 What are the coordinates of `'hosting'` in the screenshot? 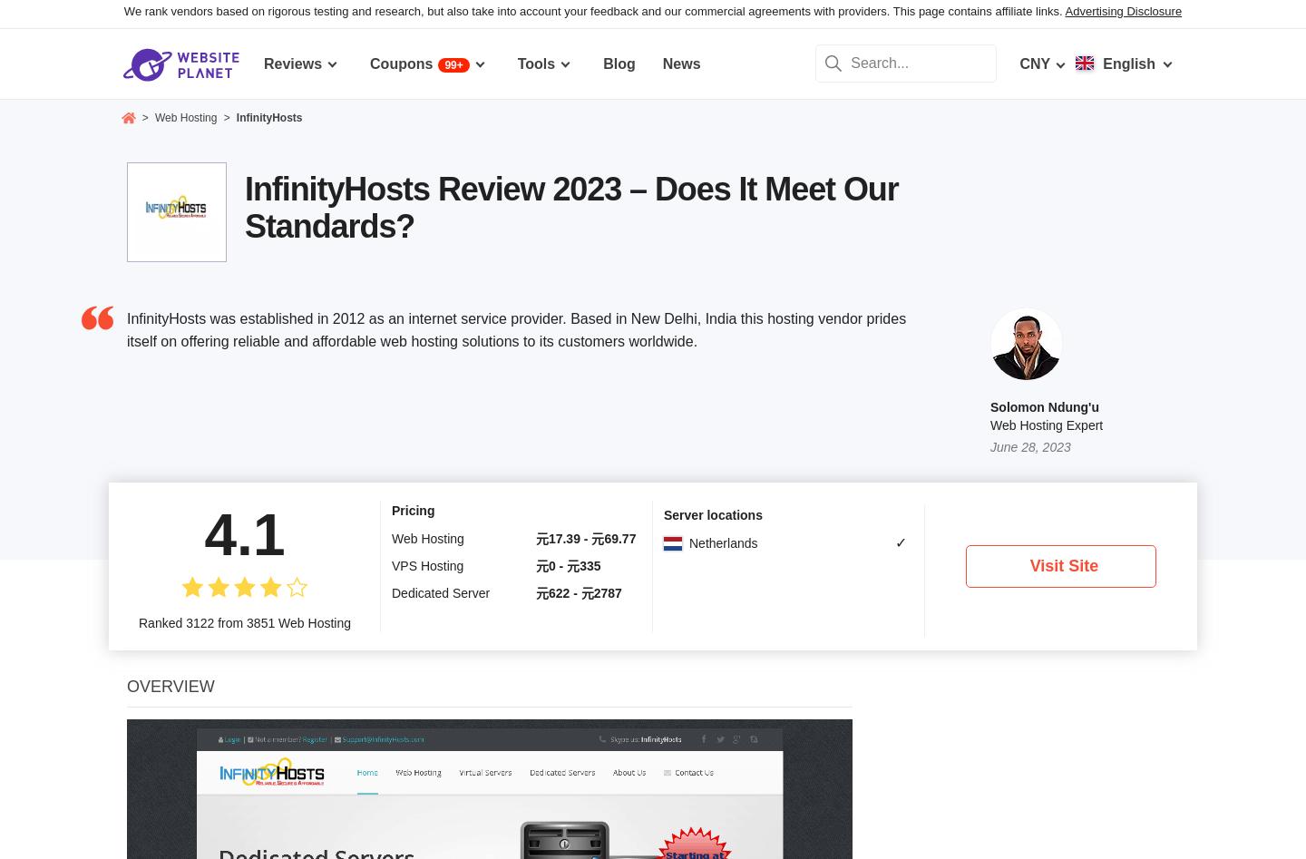 It's located at (496, 684).